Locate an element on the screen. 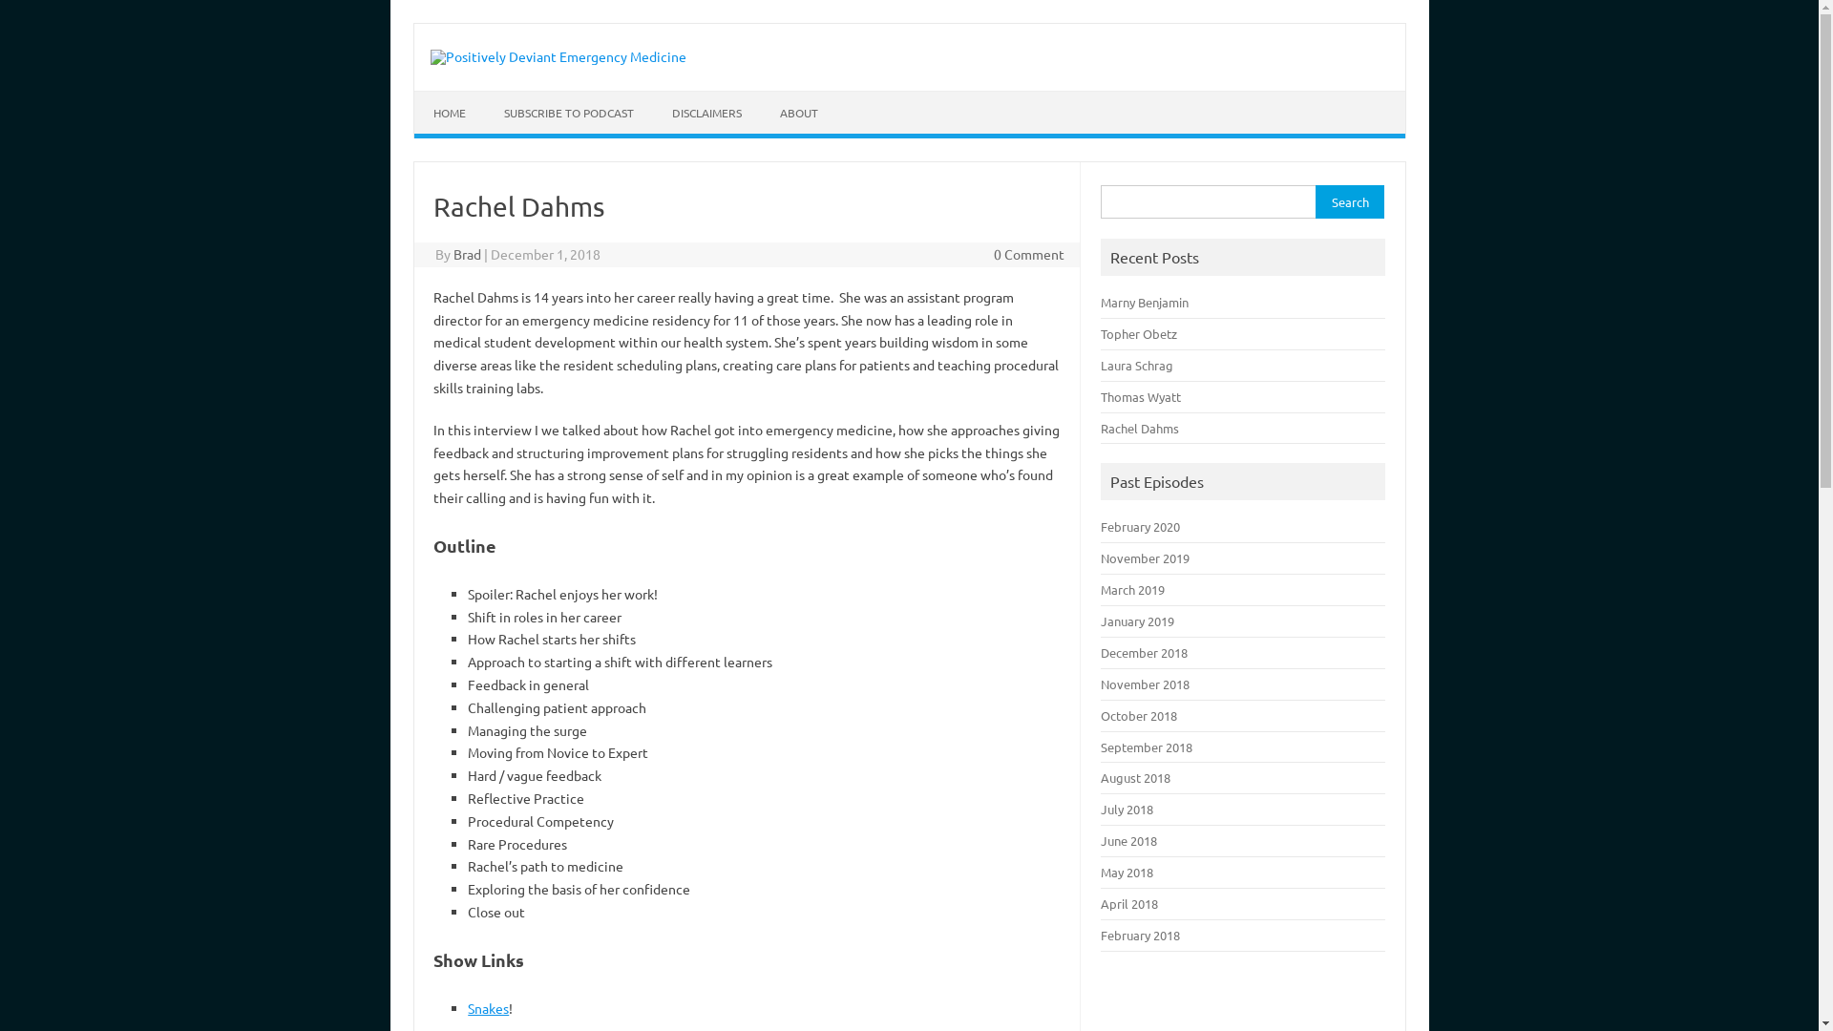 This screenshot has height=1031, width=1833. 'December 2018' is located at coordinates (1144, 651).